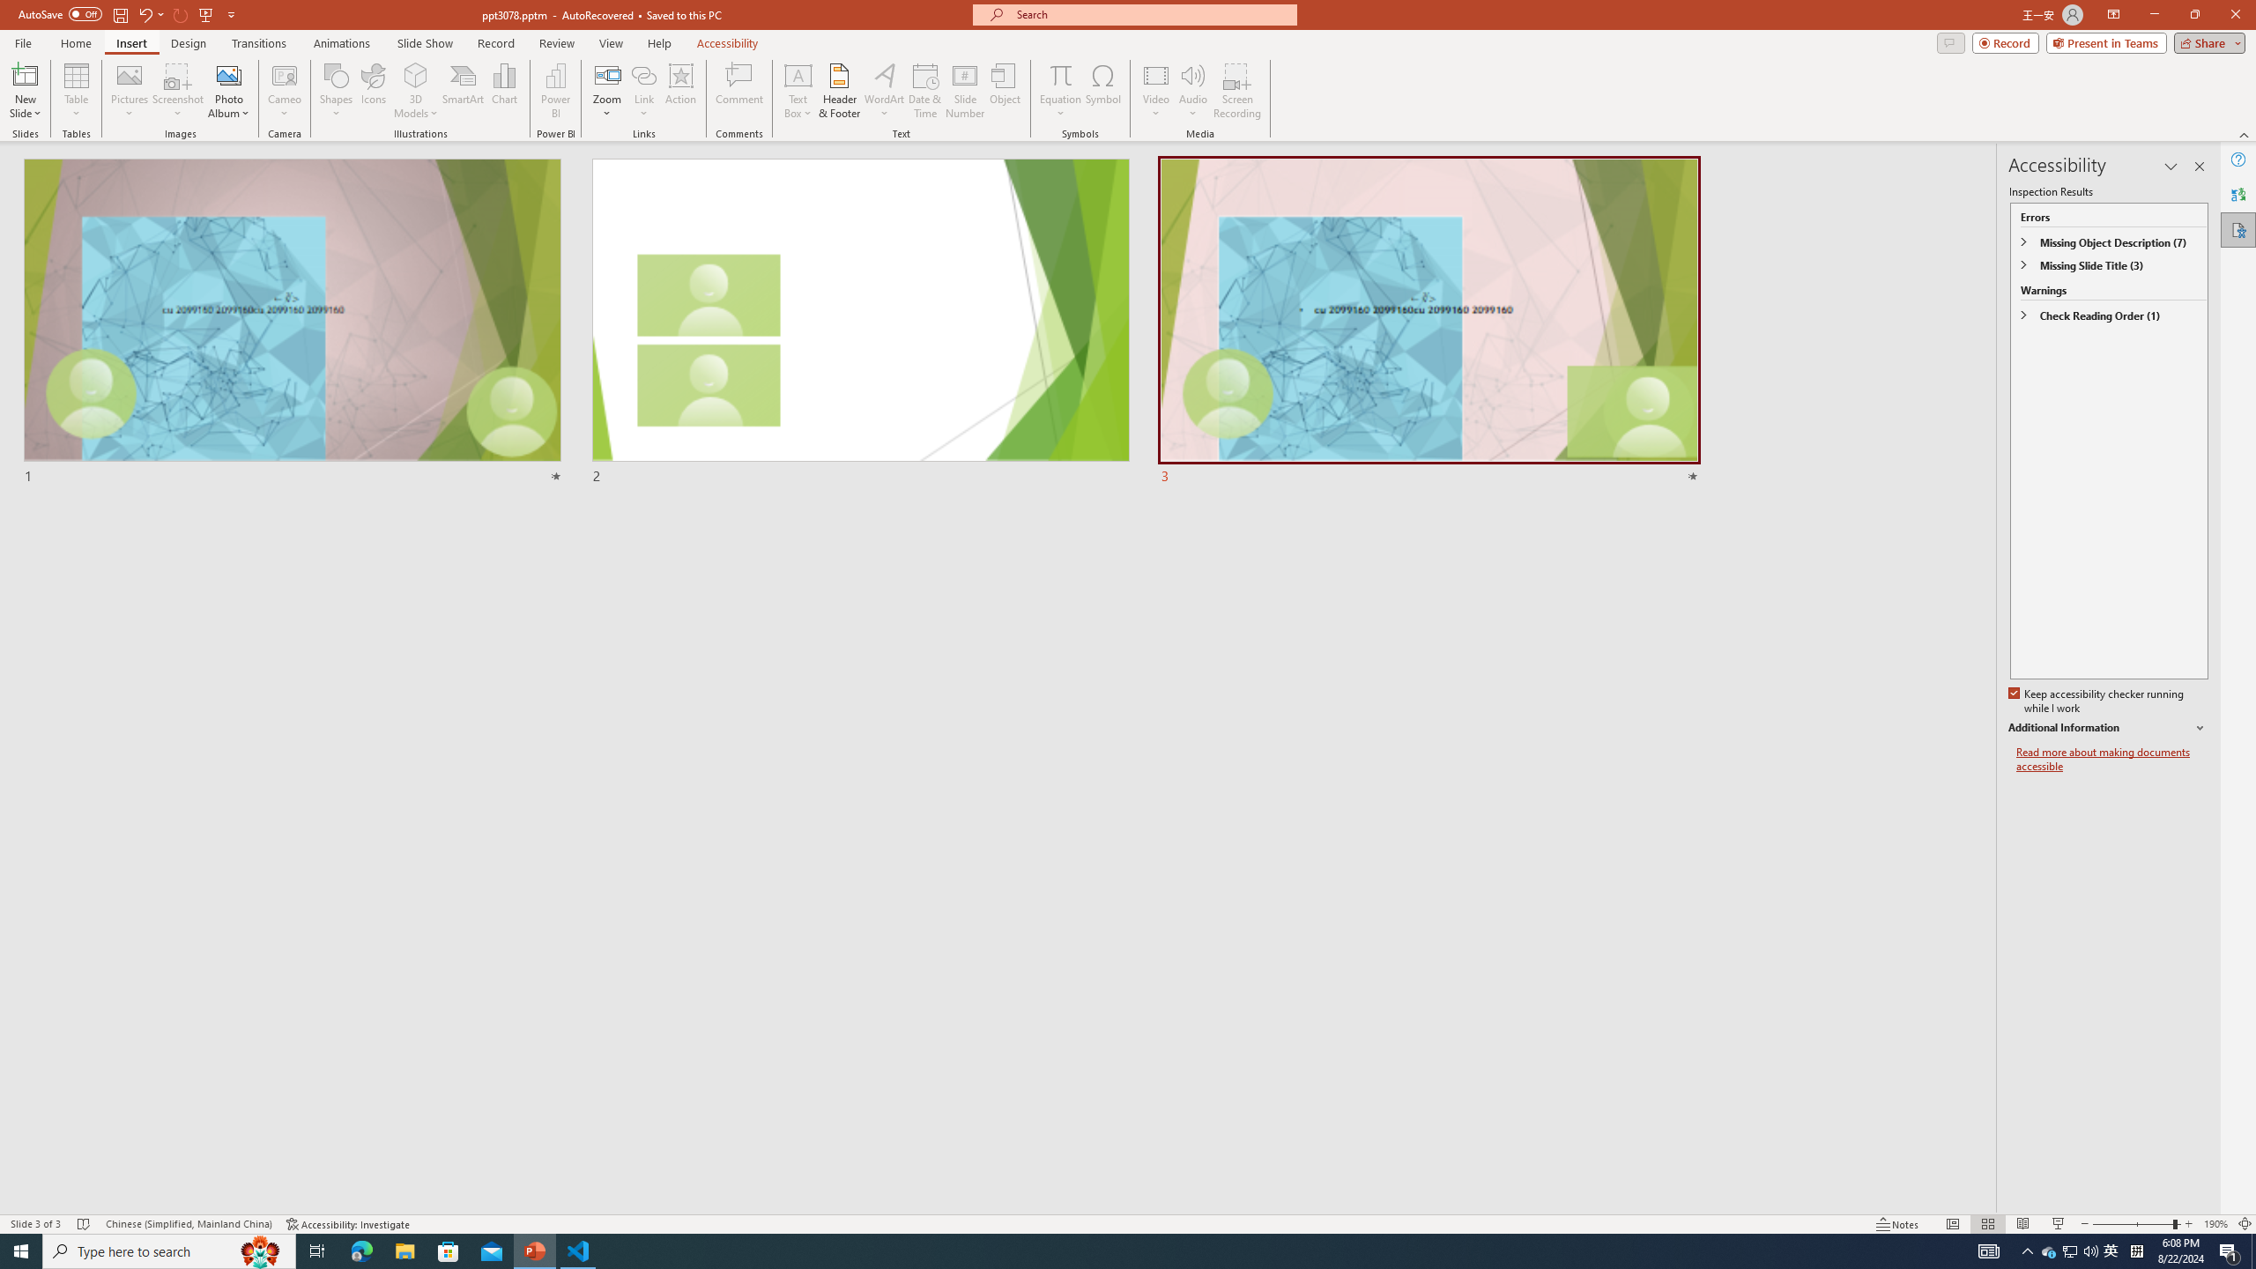 The height and width of the screenshot is (1269, 2256). What do you see at coordinates (2097, 701) in the screenshot?
I see `'Keep accessibility checker running while I work'` at bounding box center [2097, 701].